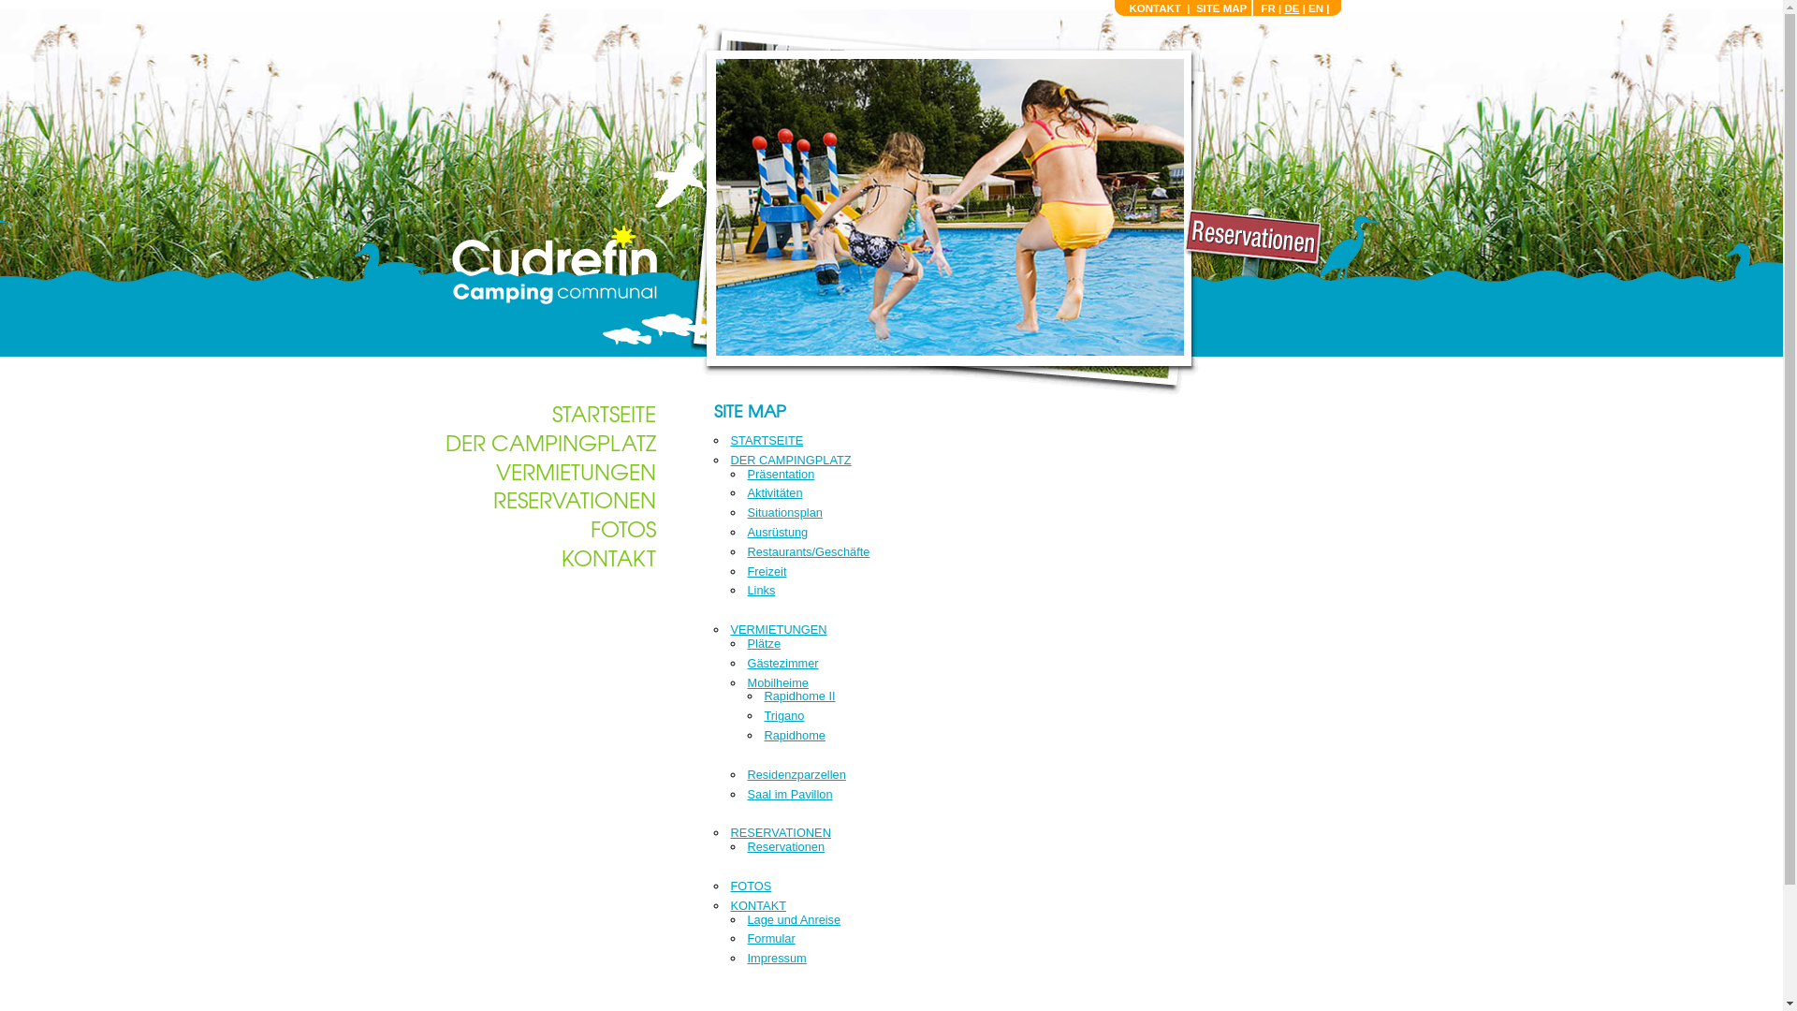 Image resolution: width=1797 pixels, height=1011 pixels. Describe the element at coordinates (777, 682) in the screenshot. I see `'Mobilheime'` at that location.